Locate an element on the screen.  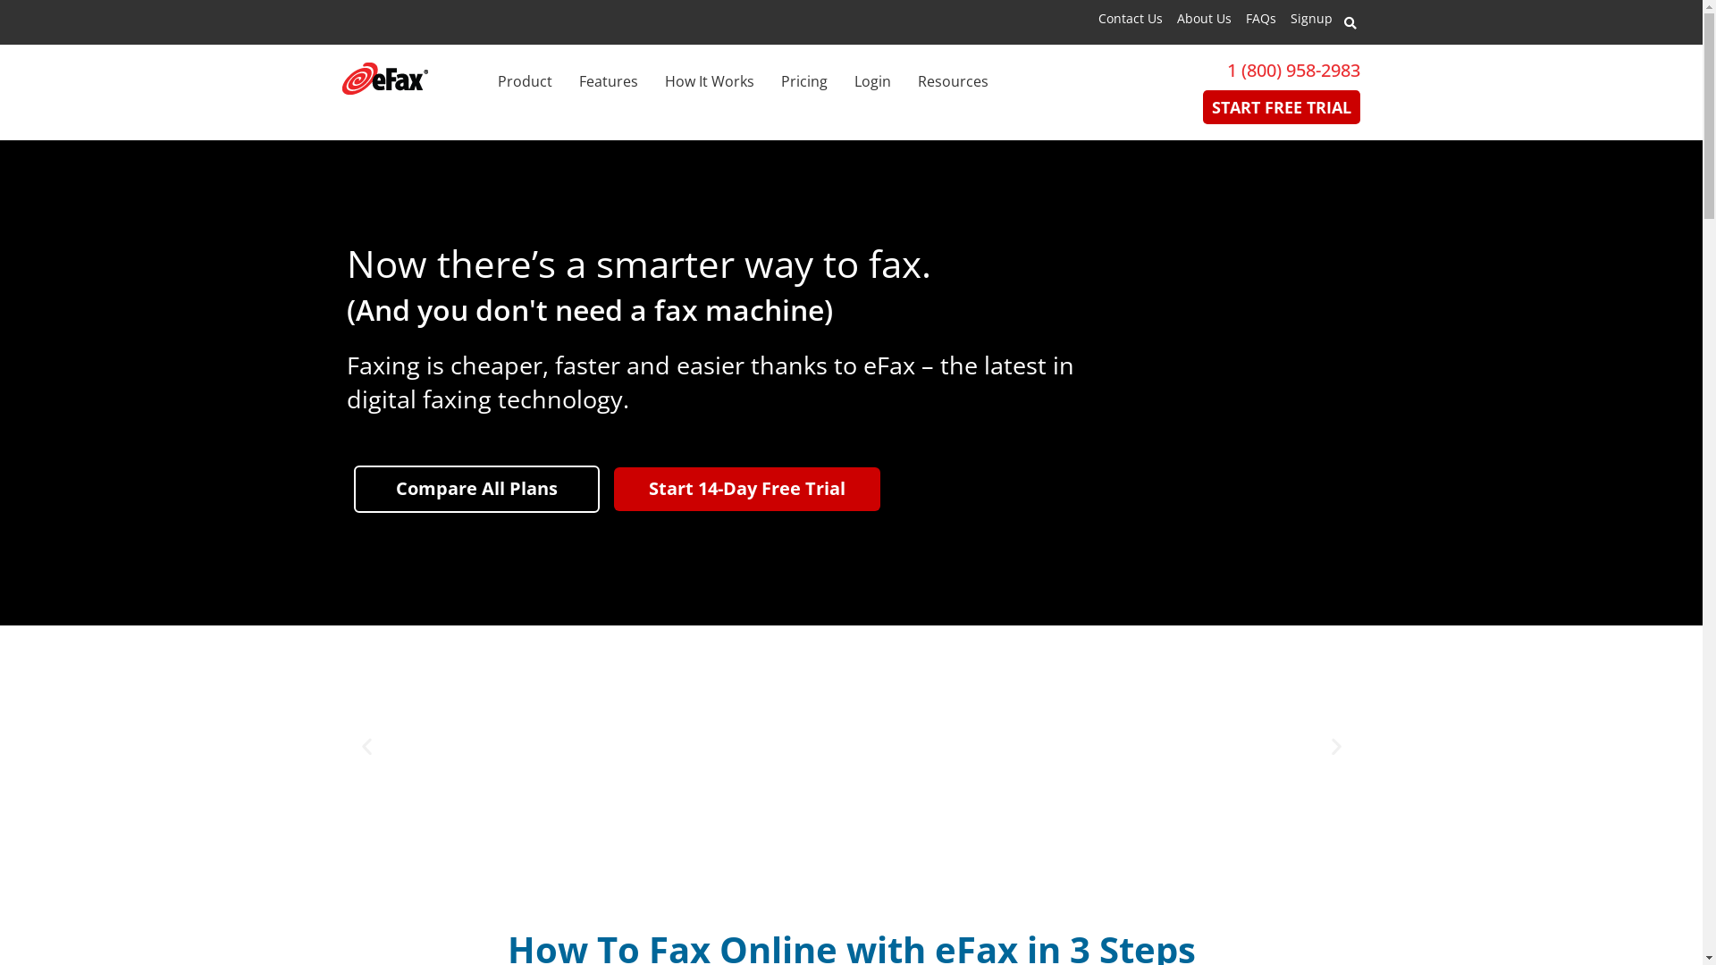
'Product' is located at coordinates (488, 82).